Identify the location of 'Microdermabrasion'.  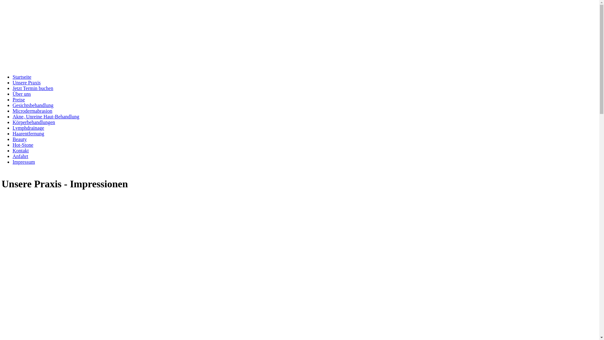
(12, 110).